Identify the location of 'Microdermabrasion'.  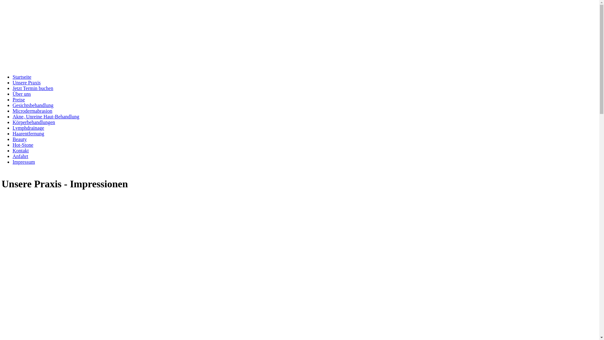
(12, 110).